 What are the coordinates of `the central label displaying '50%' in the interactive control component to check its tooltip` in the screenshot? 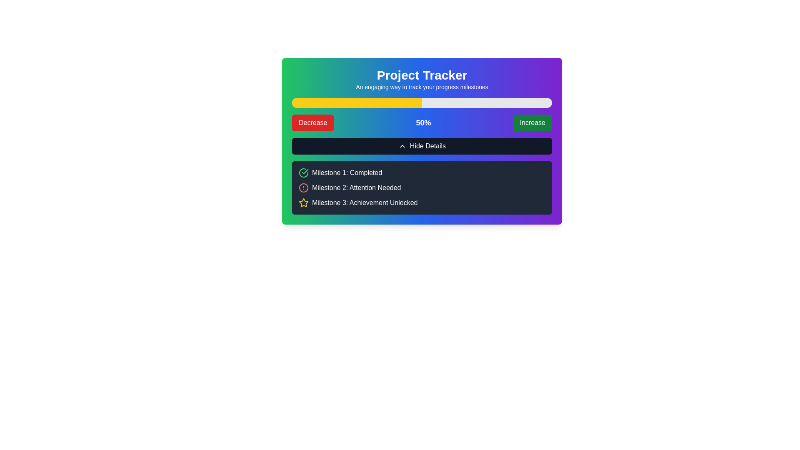 It's located at (422, 122).